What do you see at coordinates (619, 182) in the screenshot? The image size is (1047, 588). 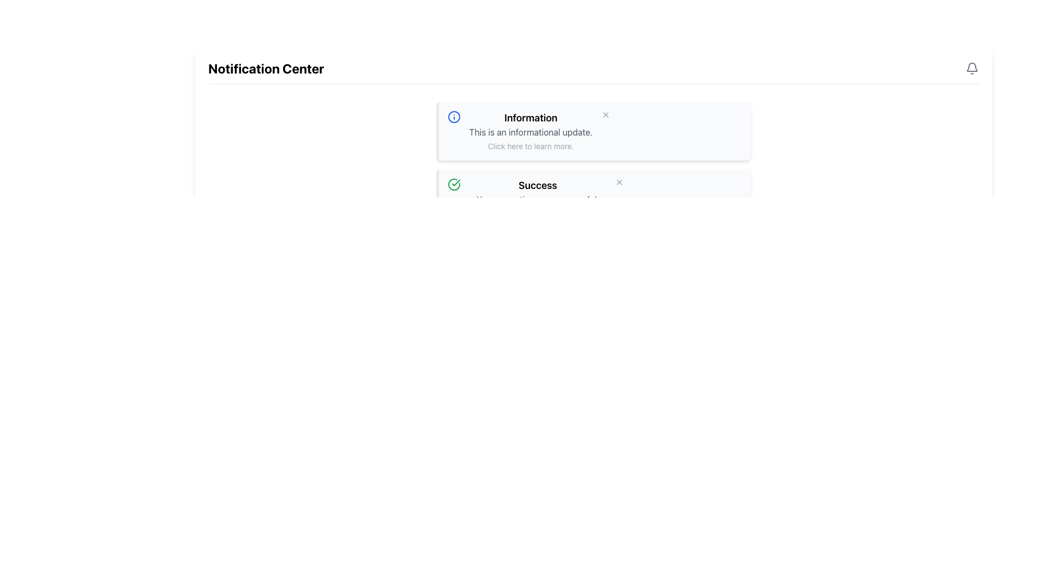 I see `the dismiss Icon Button located in the top-right corner of the success message notification beneath the 'Notification Center'` at bounding box center [619, 182].